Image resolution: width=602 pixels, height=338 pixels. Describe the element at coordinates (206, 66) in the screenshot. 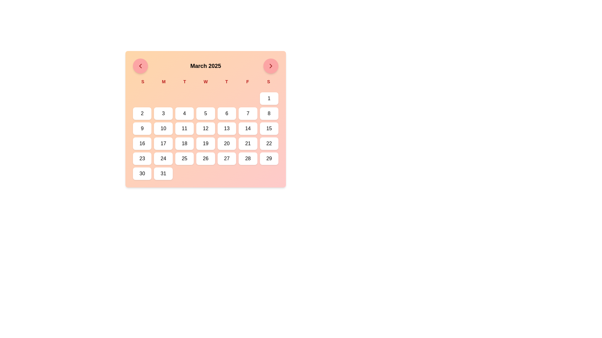

I see `the header text element displaying 'March 2025' at the top of the calendar UI, located centrally above the days of the week row` at that location.